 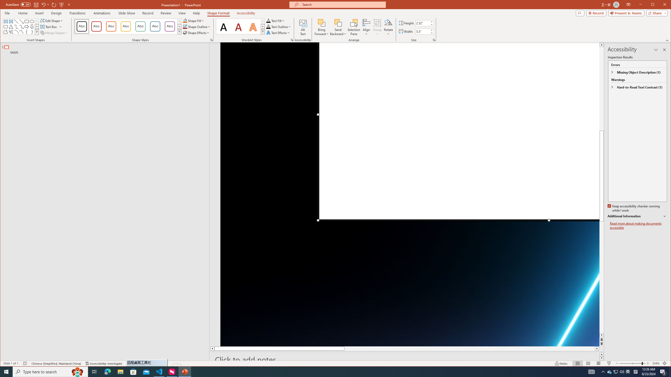 I want to click on 'Zoom 334%', so click(x=656, y=363).